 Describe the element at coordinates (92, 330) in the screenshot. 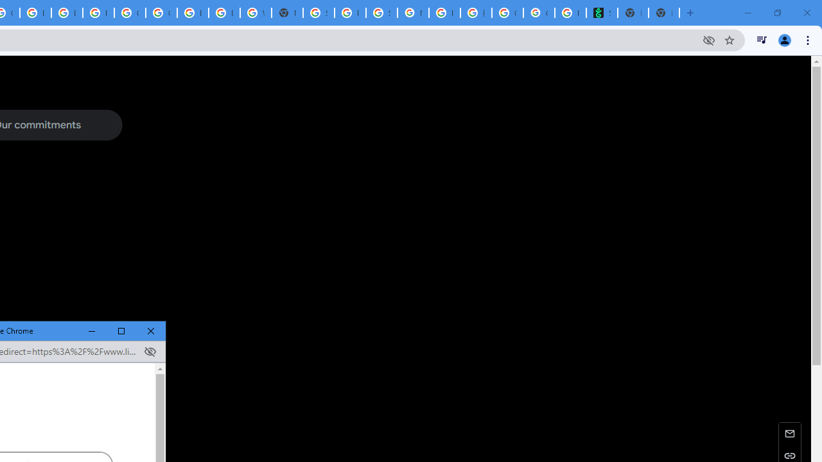

I see `'Minimize'` at that location.